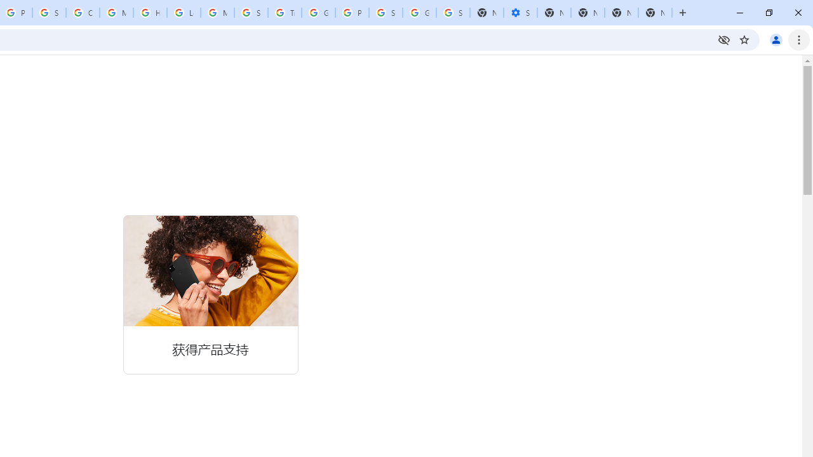 Image resolution: width=813 pixels, height=457 pixels. I want to click on 'New Tab', so click(655, 13).